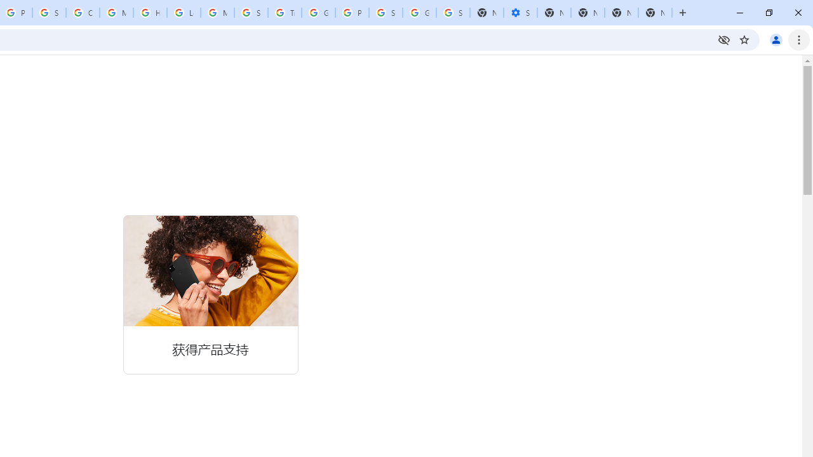 Image resolution: width=813 pixels, height=457 pixels. I want to click on 'New Tab', so click(655, 13).